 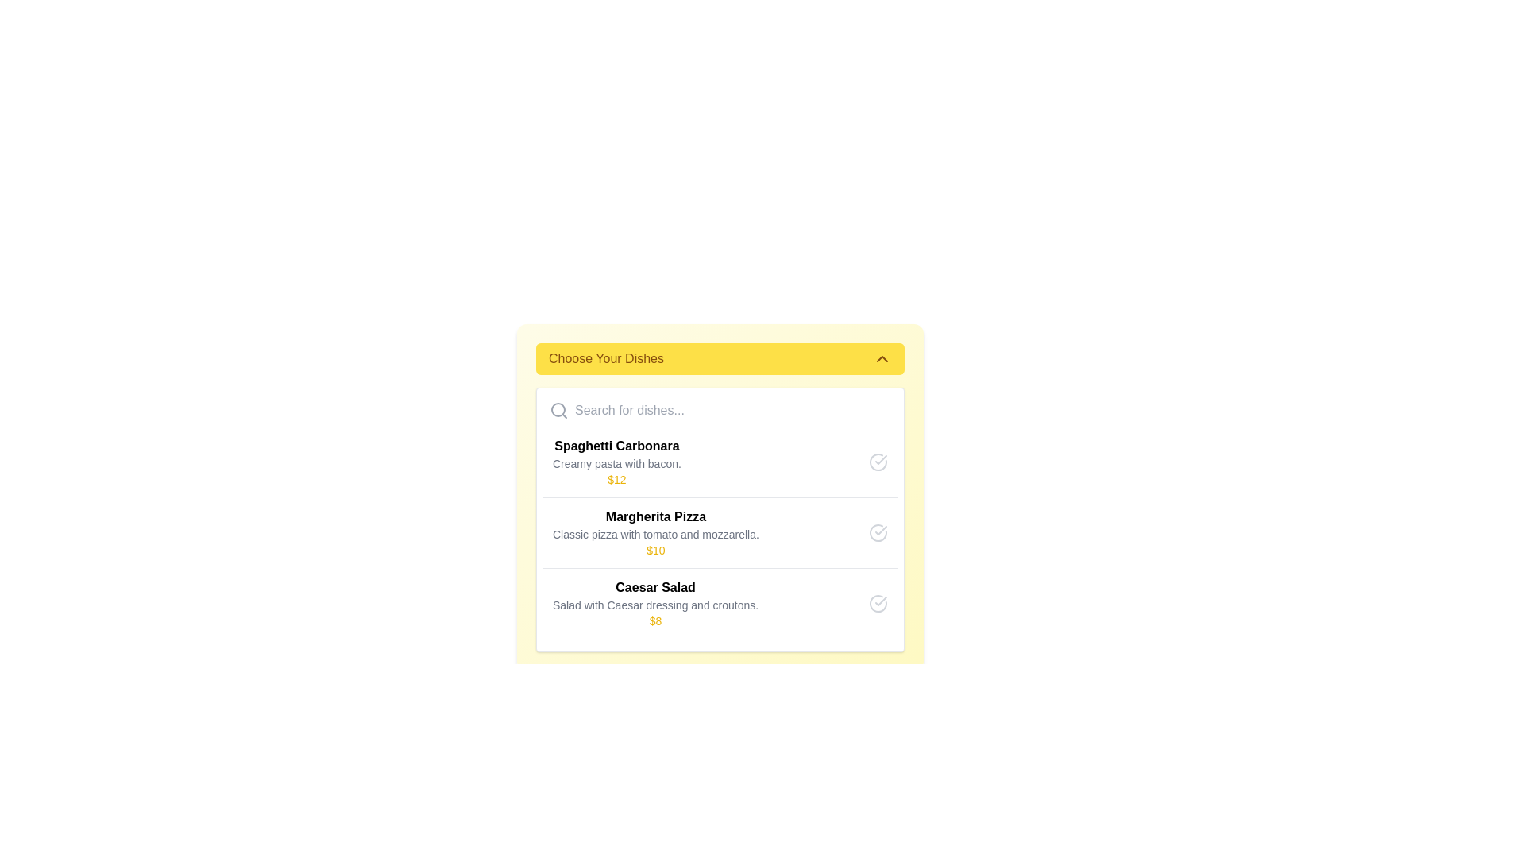 I want to click on Price indicator text displaying the value '$10' in yellow color, located below the description of 'Margherita Pizza', so click(x=655, y=550).